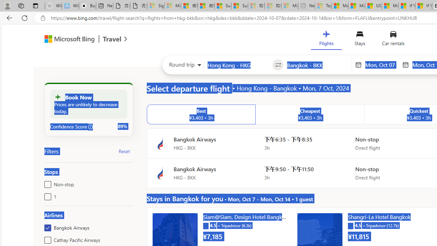 This screenshot has height=246, width=437. I want to click on 'Travel', so click(112, 40).